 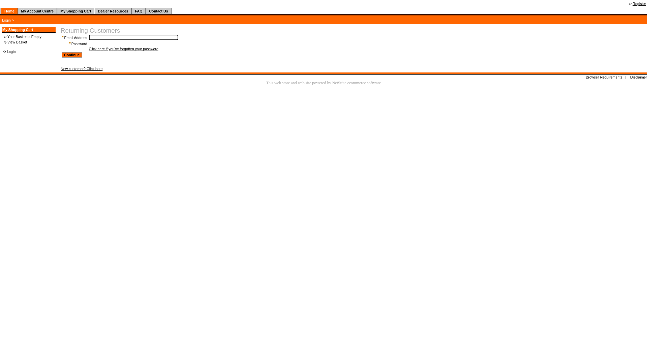 I want to click on 'Contact Us', so click(x=158, y=10).